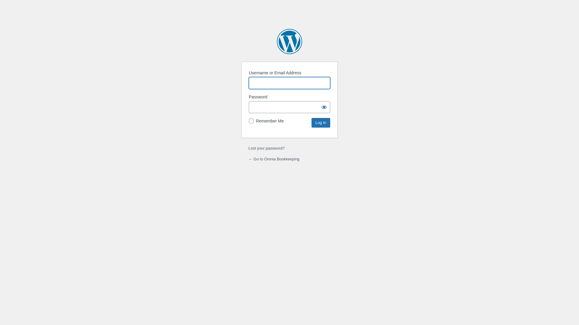  Describe the element at coordinates (266, 148) in the screenshot. I see `'Lost your password?'` at that location.